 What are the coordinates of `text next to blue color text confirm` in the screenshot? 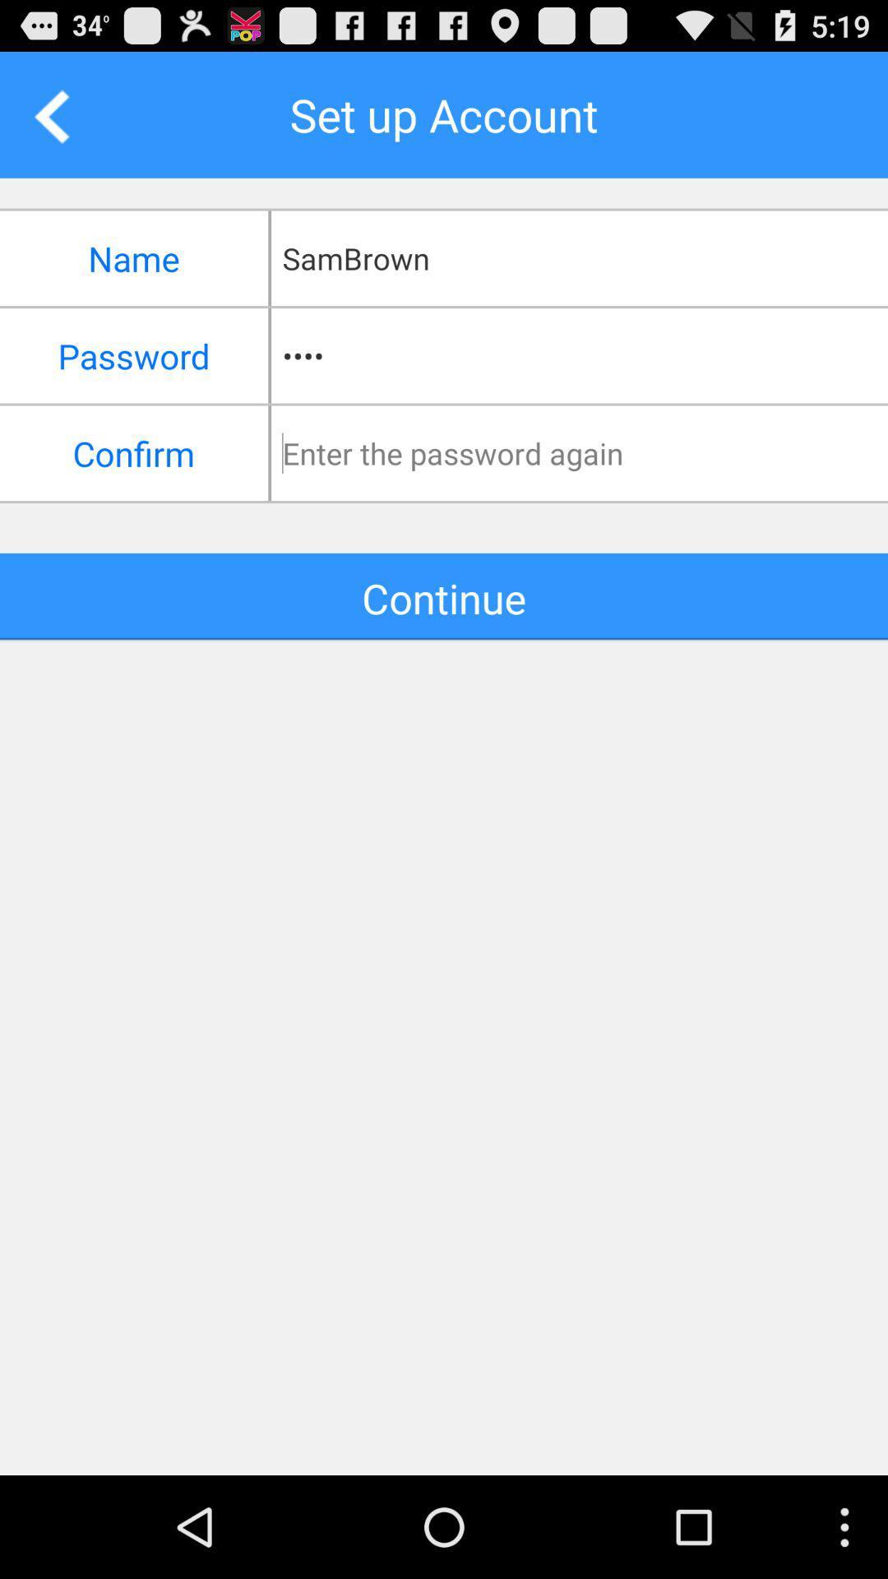 It's located at (585, 453).